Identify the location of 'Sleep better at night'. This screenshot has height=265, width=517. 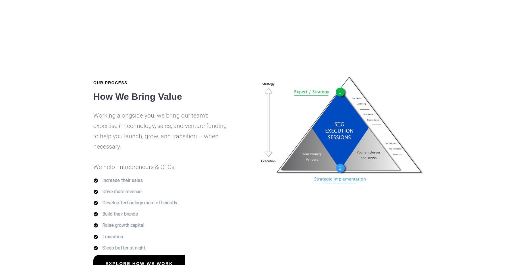
(124, 247).